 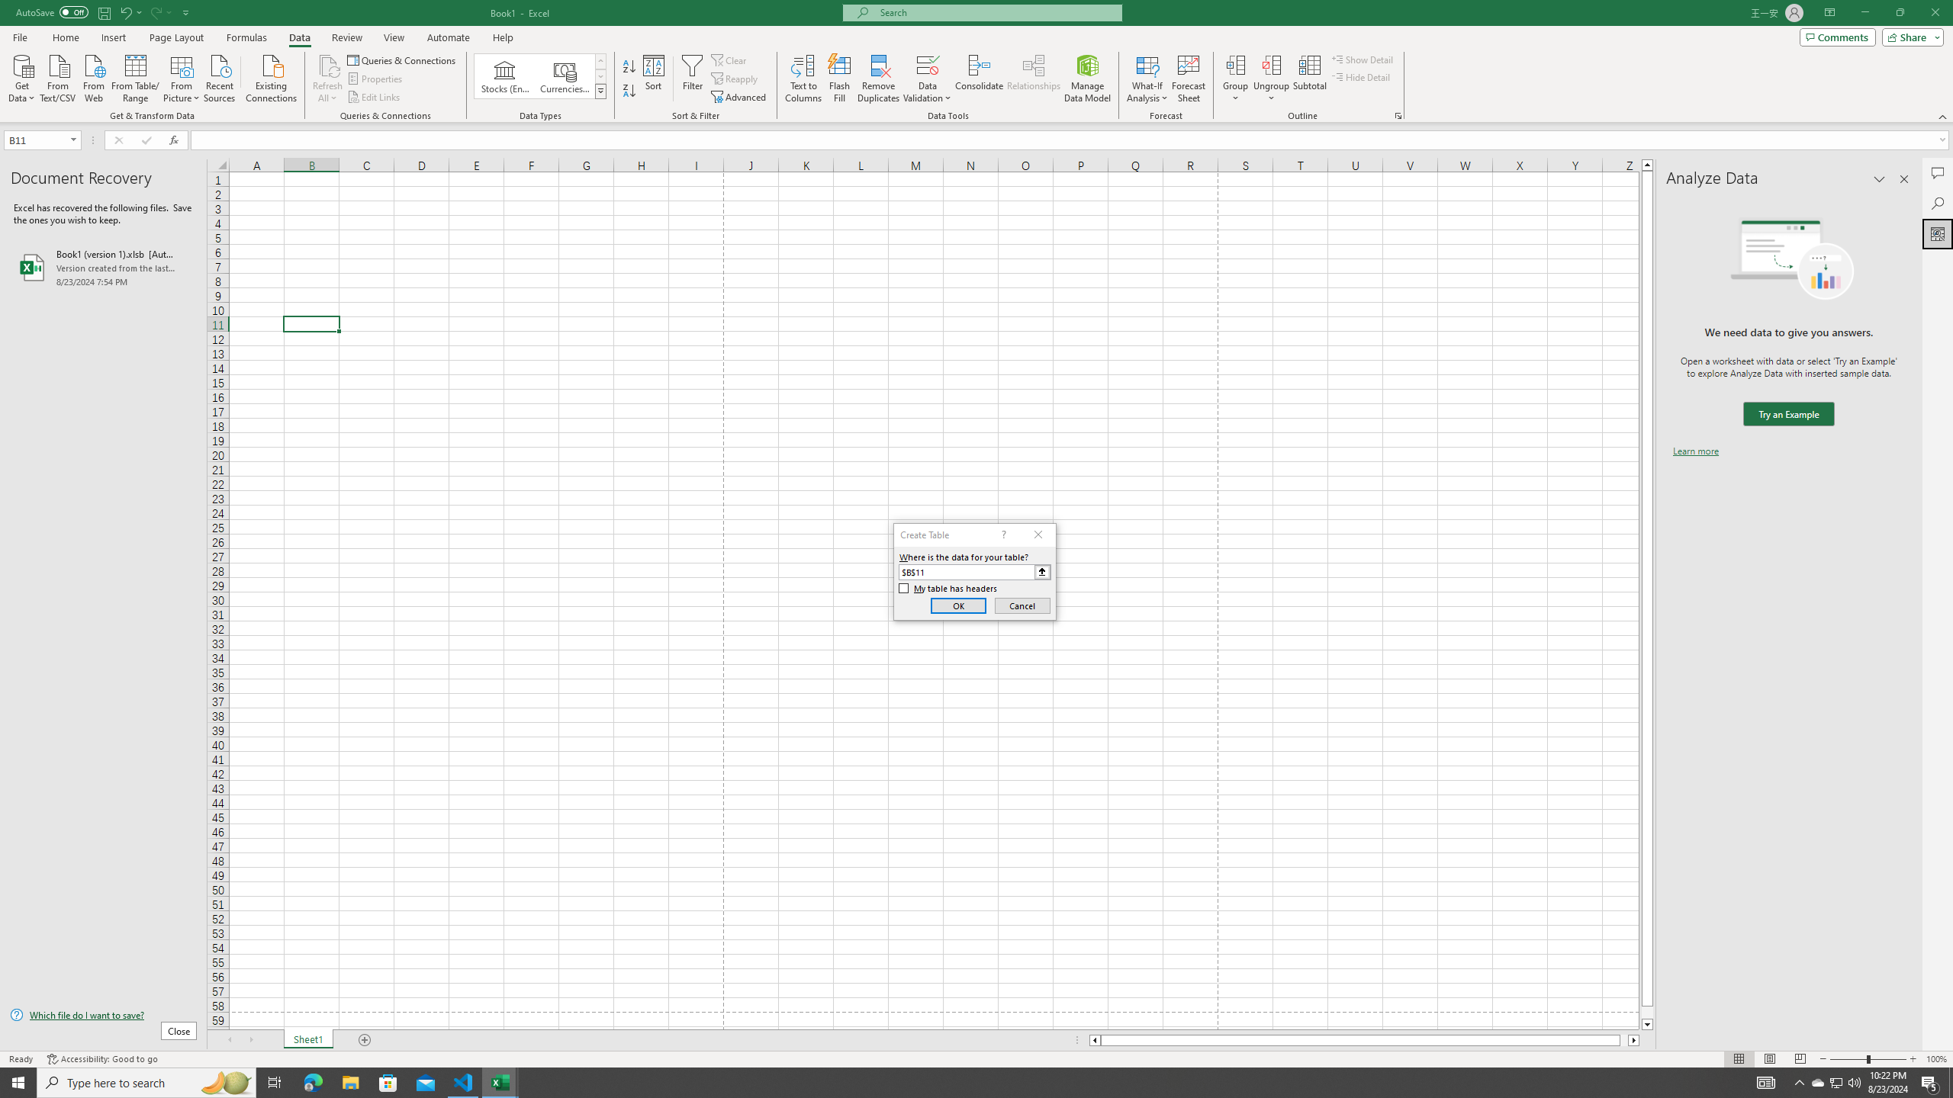 What do you see at coordinates (653, 79) in the screenshot?
I see `'Sort...'` at bounding box center [653, 79].